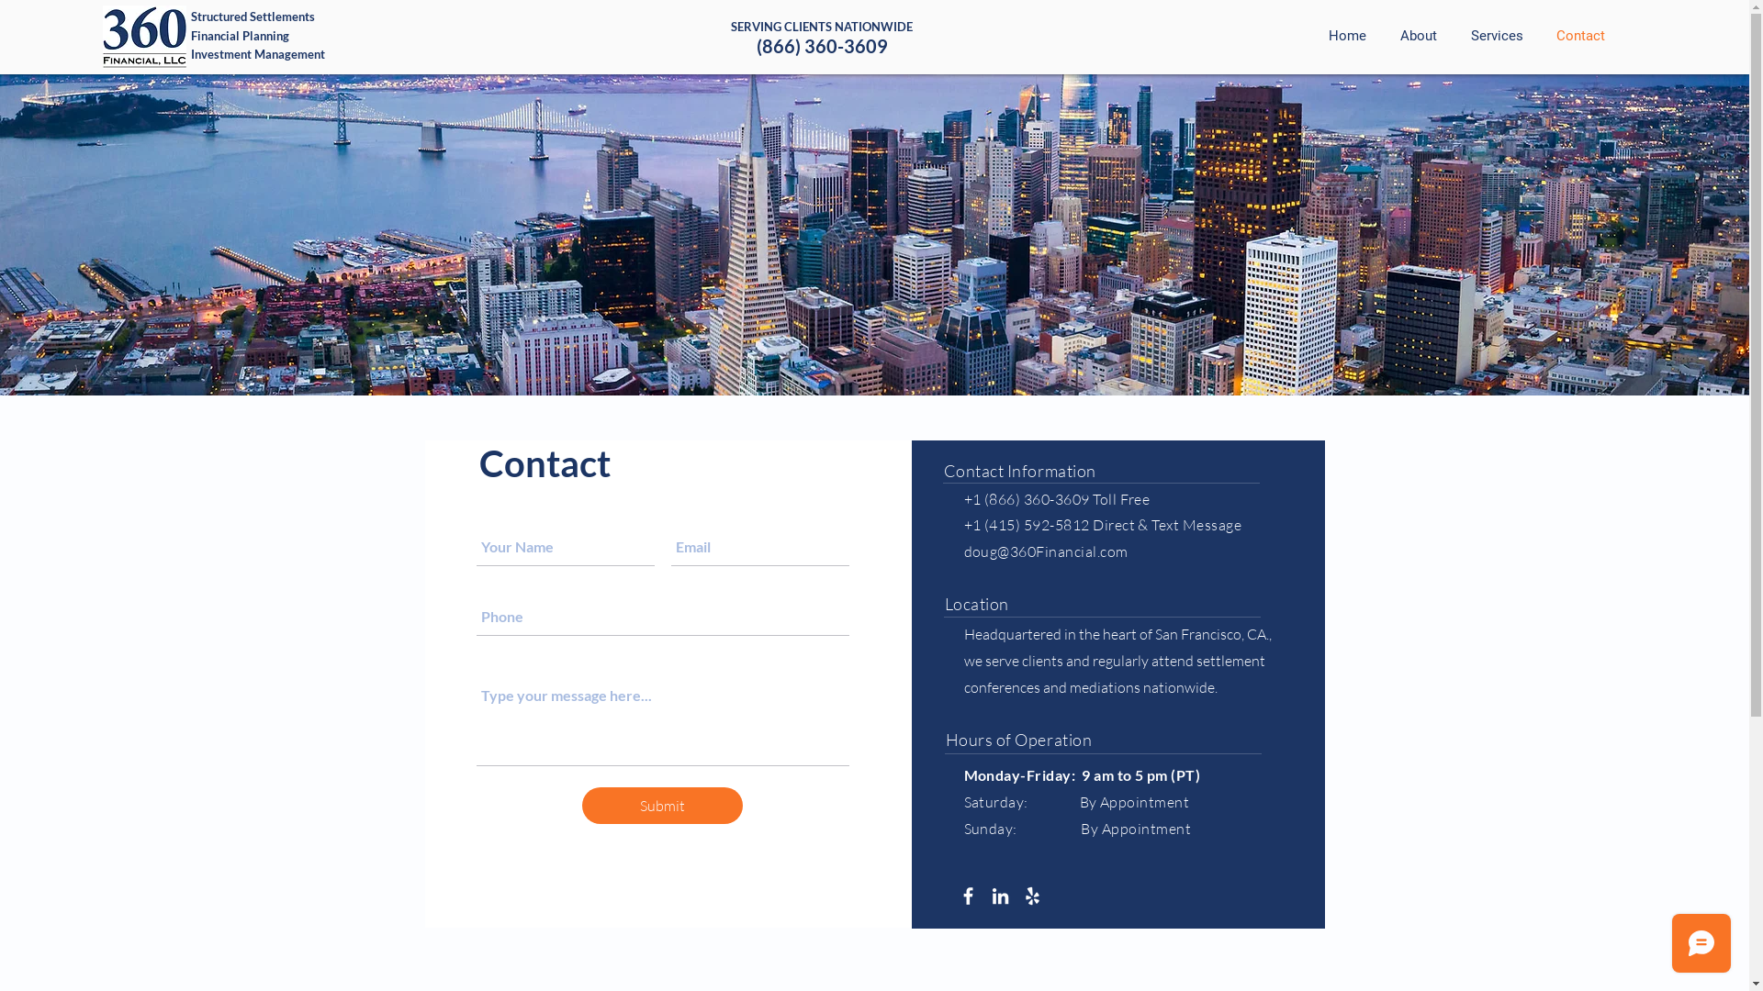 This screenshot has height=991, width=1763. What do you see at coordinates (1379, 35) in the screenshot?
I see `'About'` at bounding box center [1379, 35].